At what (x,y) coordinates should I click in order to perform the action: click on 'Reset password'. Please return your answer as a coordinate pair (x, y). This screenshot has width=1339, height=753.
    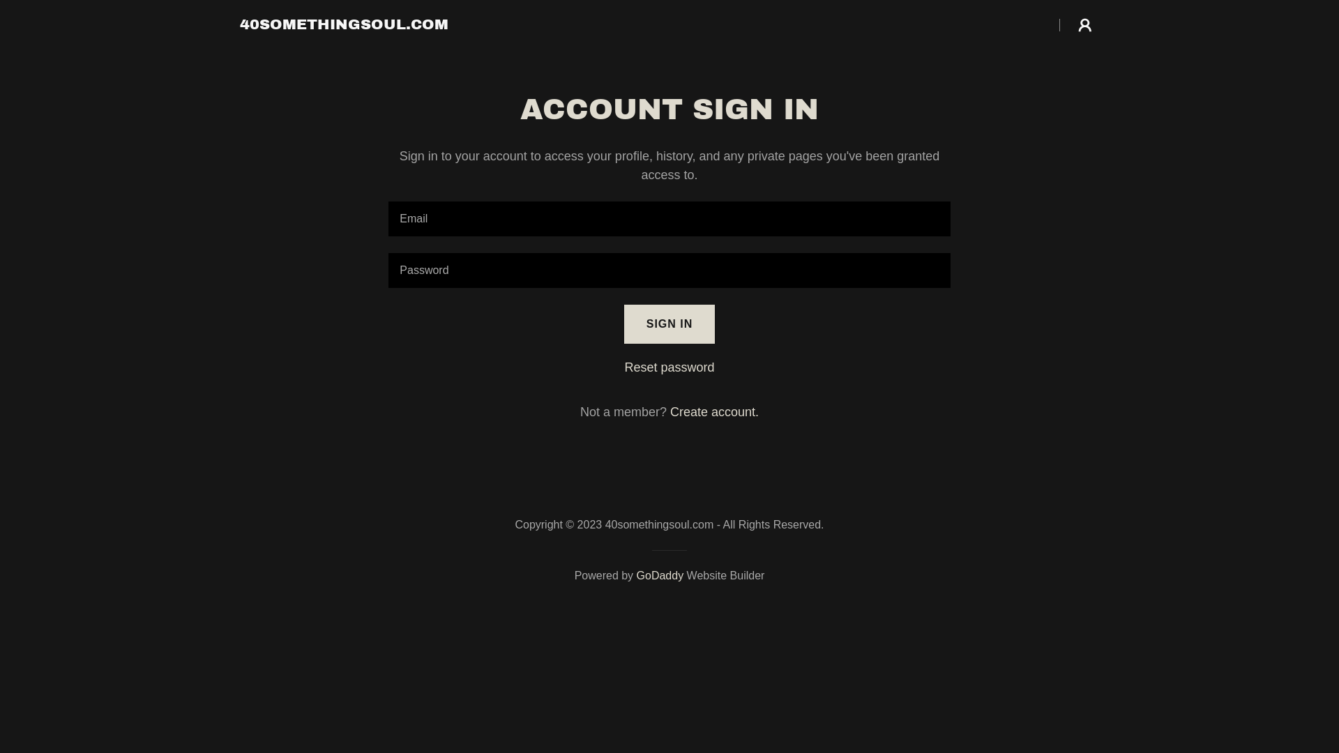
    Looking at the image, I should click on (668, 367).